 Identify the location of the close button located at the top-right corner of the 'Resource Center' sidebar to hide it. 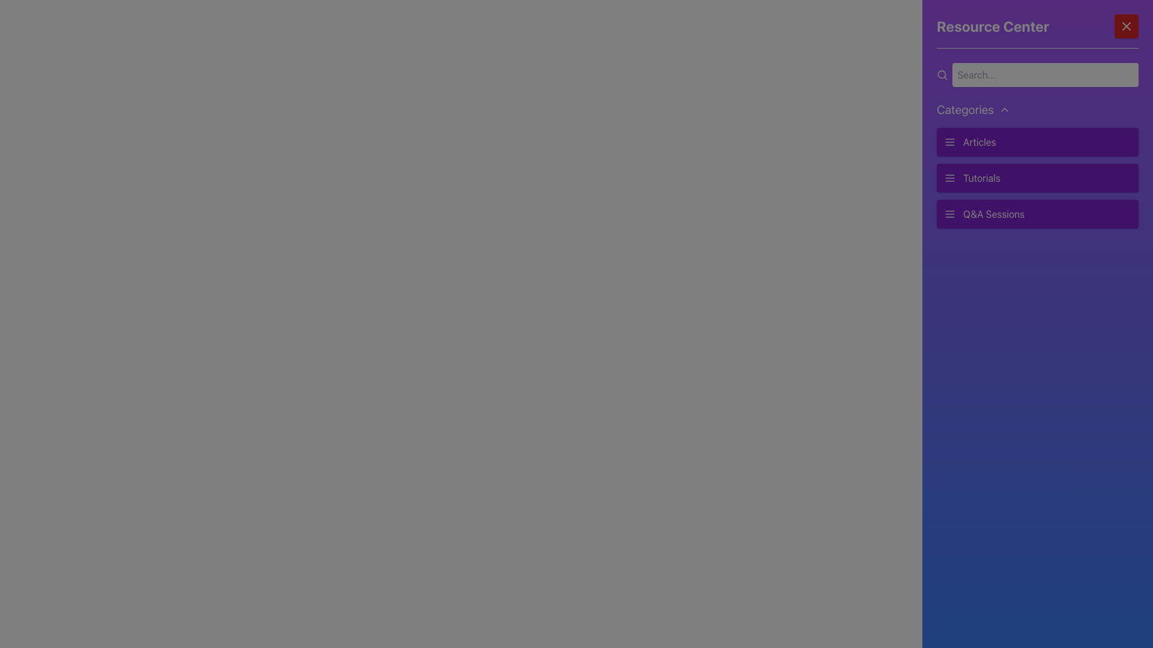
(1126, 26).